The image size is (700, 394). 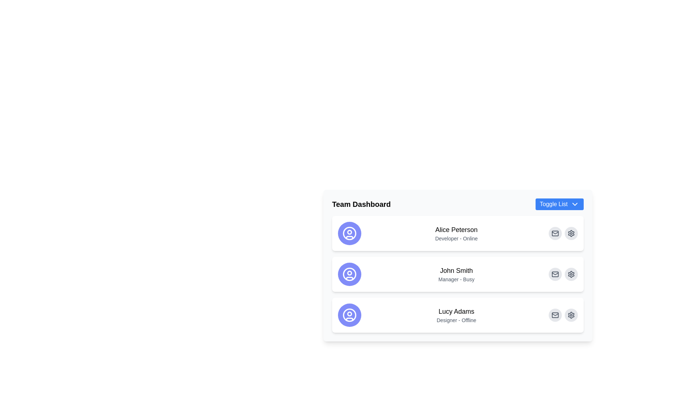 I want to click on the email icon located to the right of 'John Smith' in the list to facilitate email communication actions, so click(x=555, y=274).